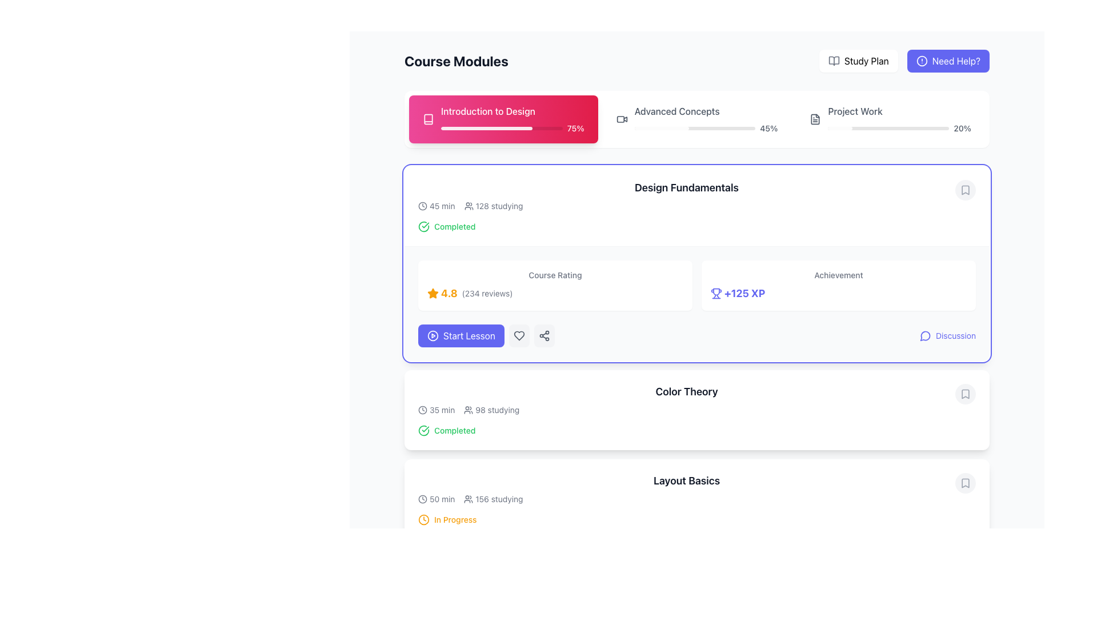 Image resolution: width=1097 pixels, height=617 pixels. I want to click on the completion status indicator for the 'Color Theory' section, which shows that the topic has been completed by the user, so click(696, 430).